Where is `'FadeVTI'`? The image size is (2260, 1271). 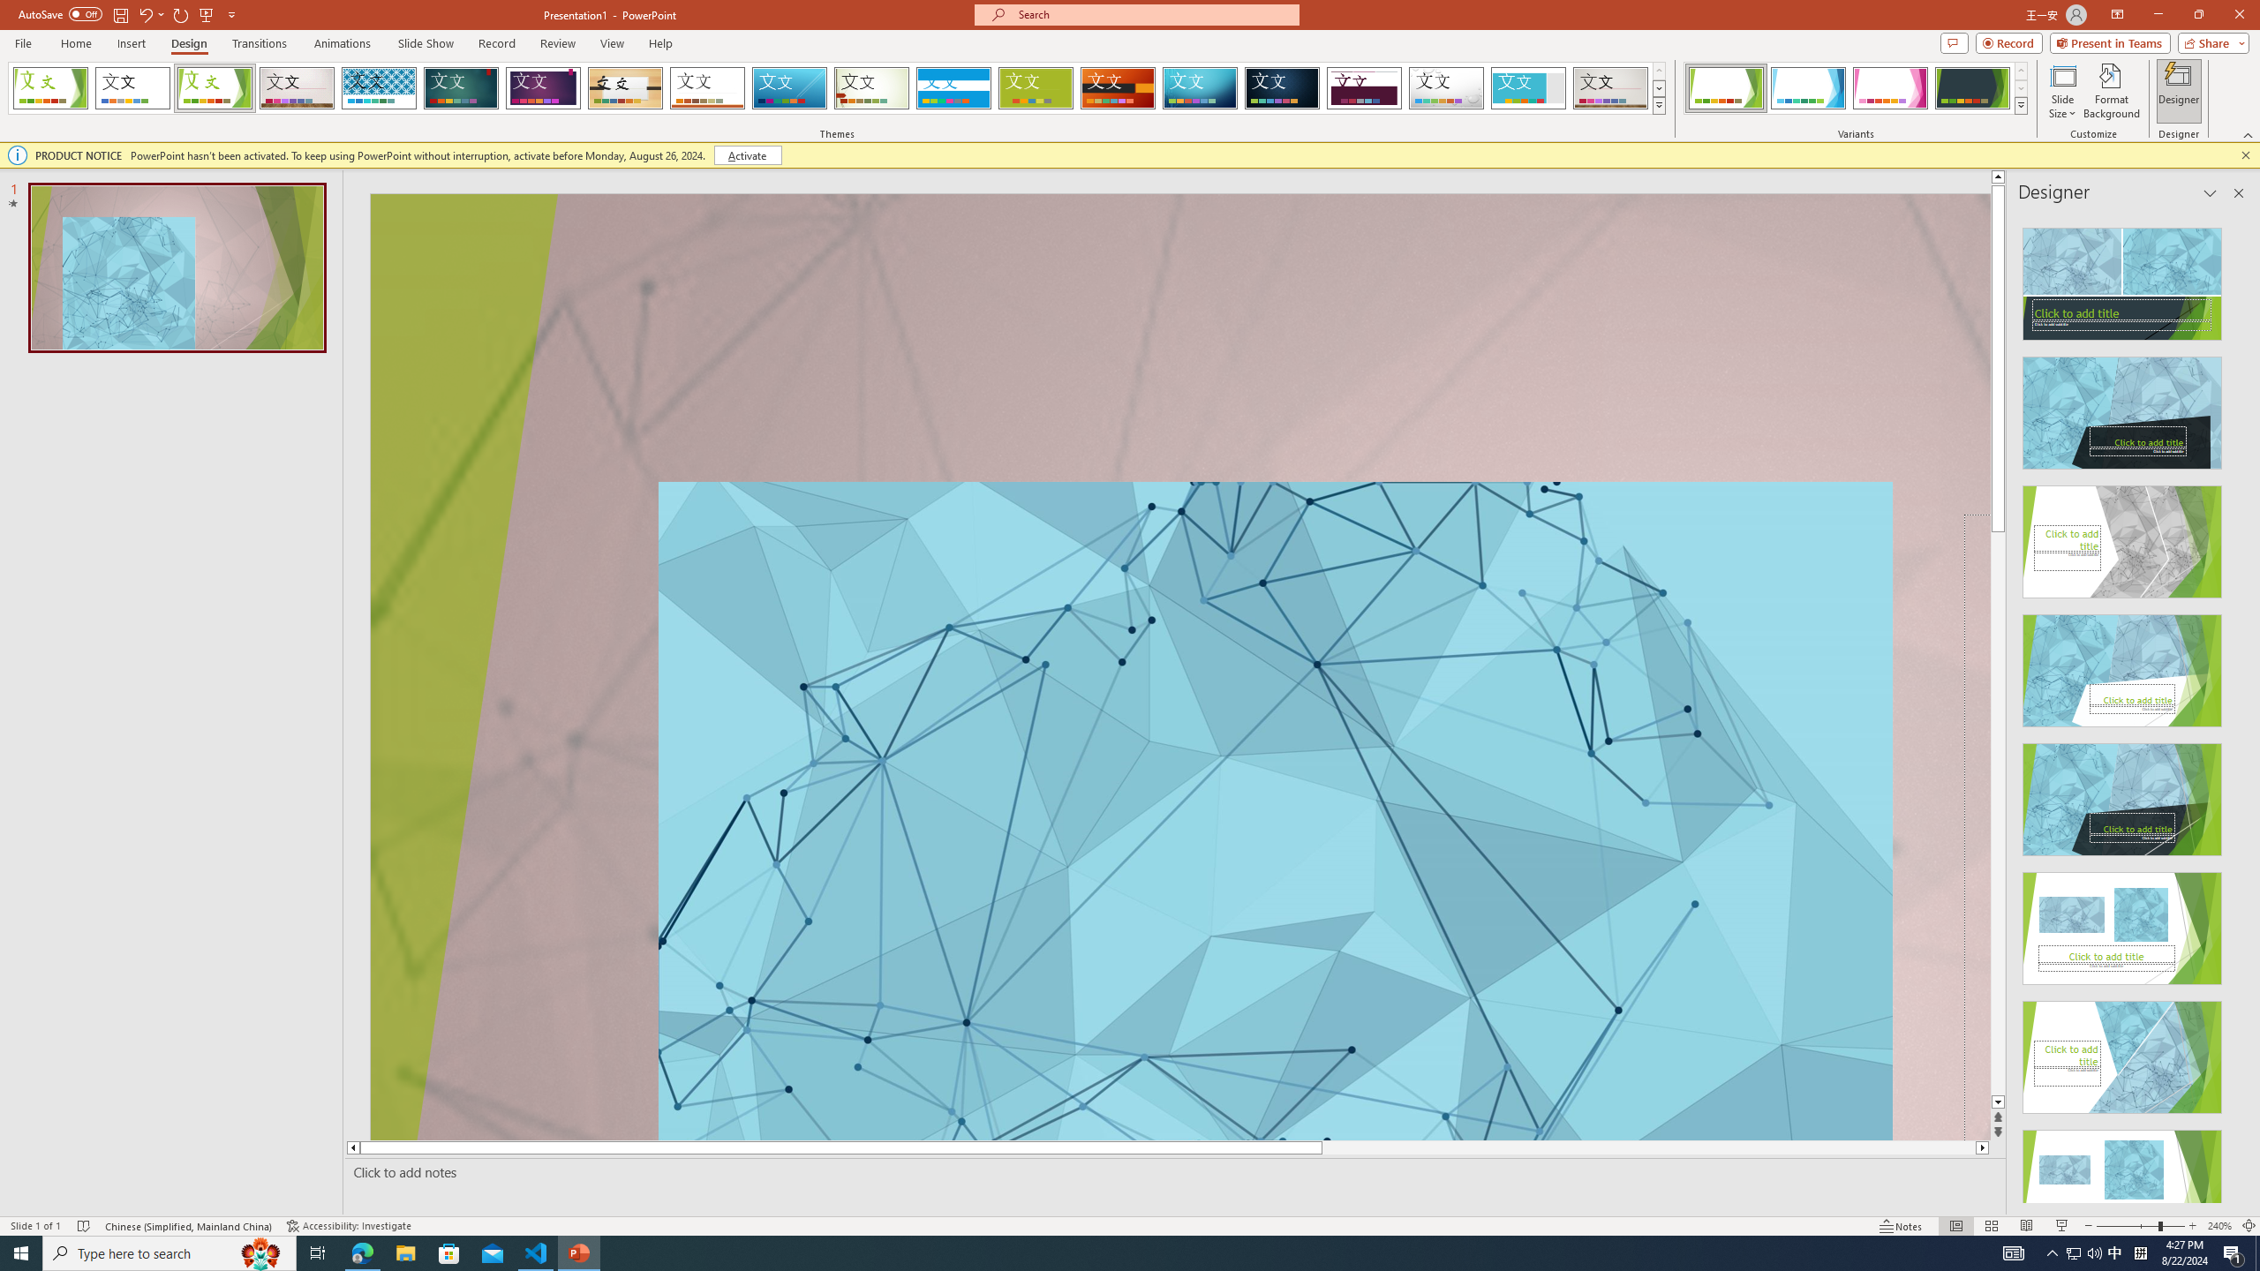 'FadeVTI' is located at coordinates (50, 87).